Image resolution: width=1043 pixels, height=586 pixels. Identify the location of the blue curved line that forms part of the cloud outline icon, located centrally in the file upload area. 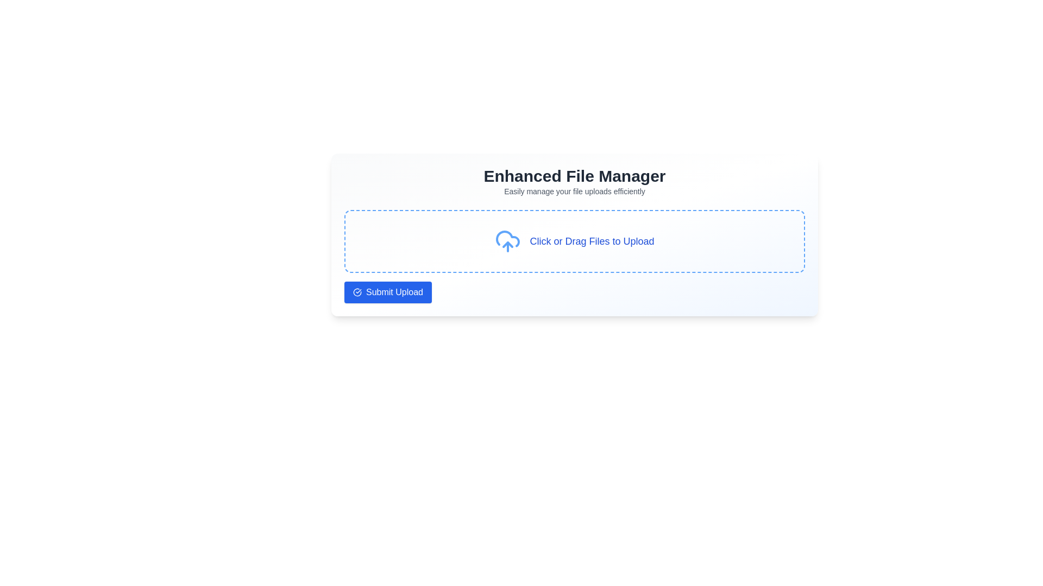
(507, 238).